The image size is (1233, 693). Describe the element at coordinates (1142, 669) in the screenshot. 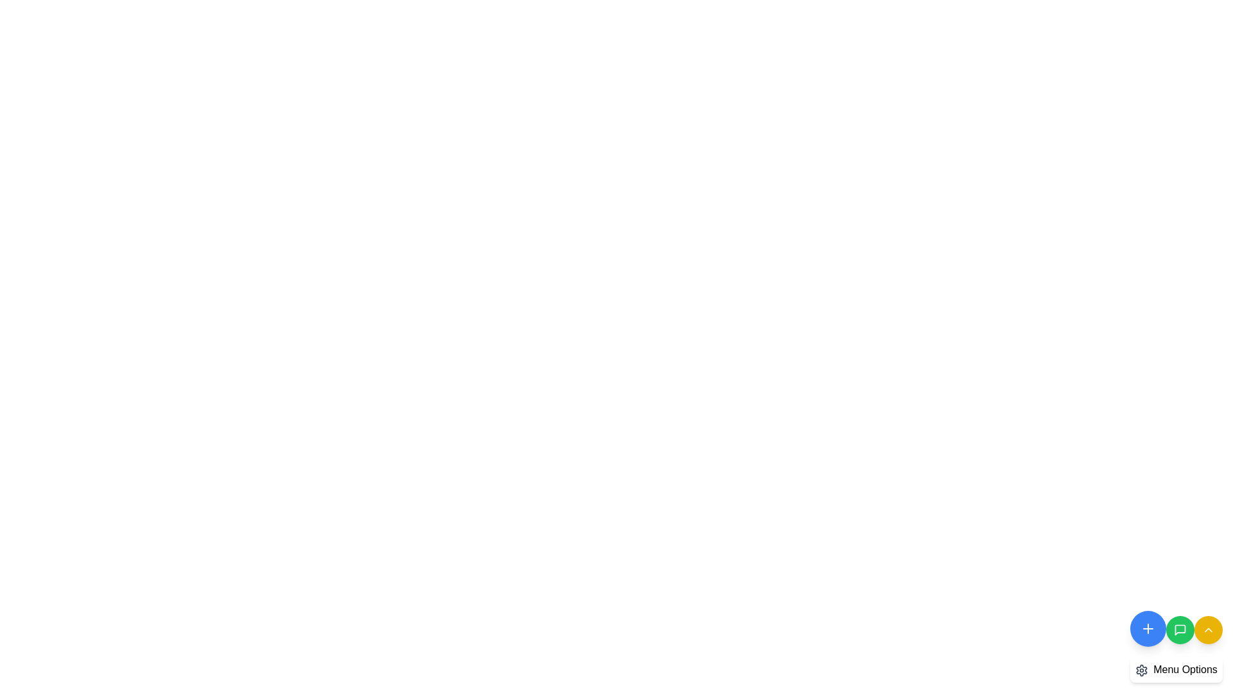

I see `the graphical icon representing settings or configuration options, located in the bottom-right corner of the interface, adjacent to action icons like a plus button and a dropdown menu` at that location.